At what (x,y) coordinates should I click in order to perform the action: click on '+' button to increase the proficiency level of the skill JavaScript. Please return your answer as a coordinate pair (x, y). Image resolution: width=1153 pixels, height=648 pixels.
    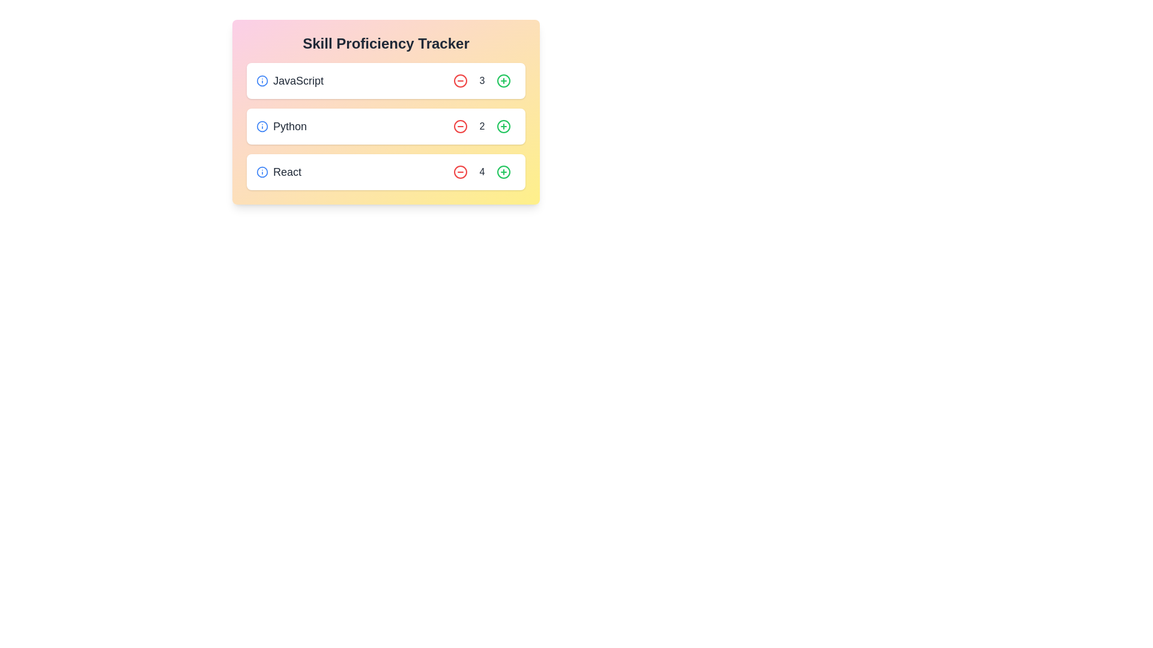
    Looking at the image, I should click on (504, 81).